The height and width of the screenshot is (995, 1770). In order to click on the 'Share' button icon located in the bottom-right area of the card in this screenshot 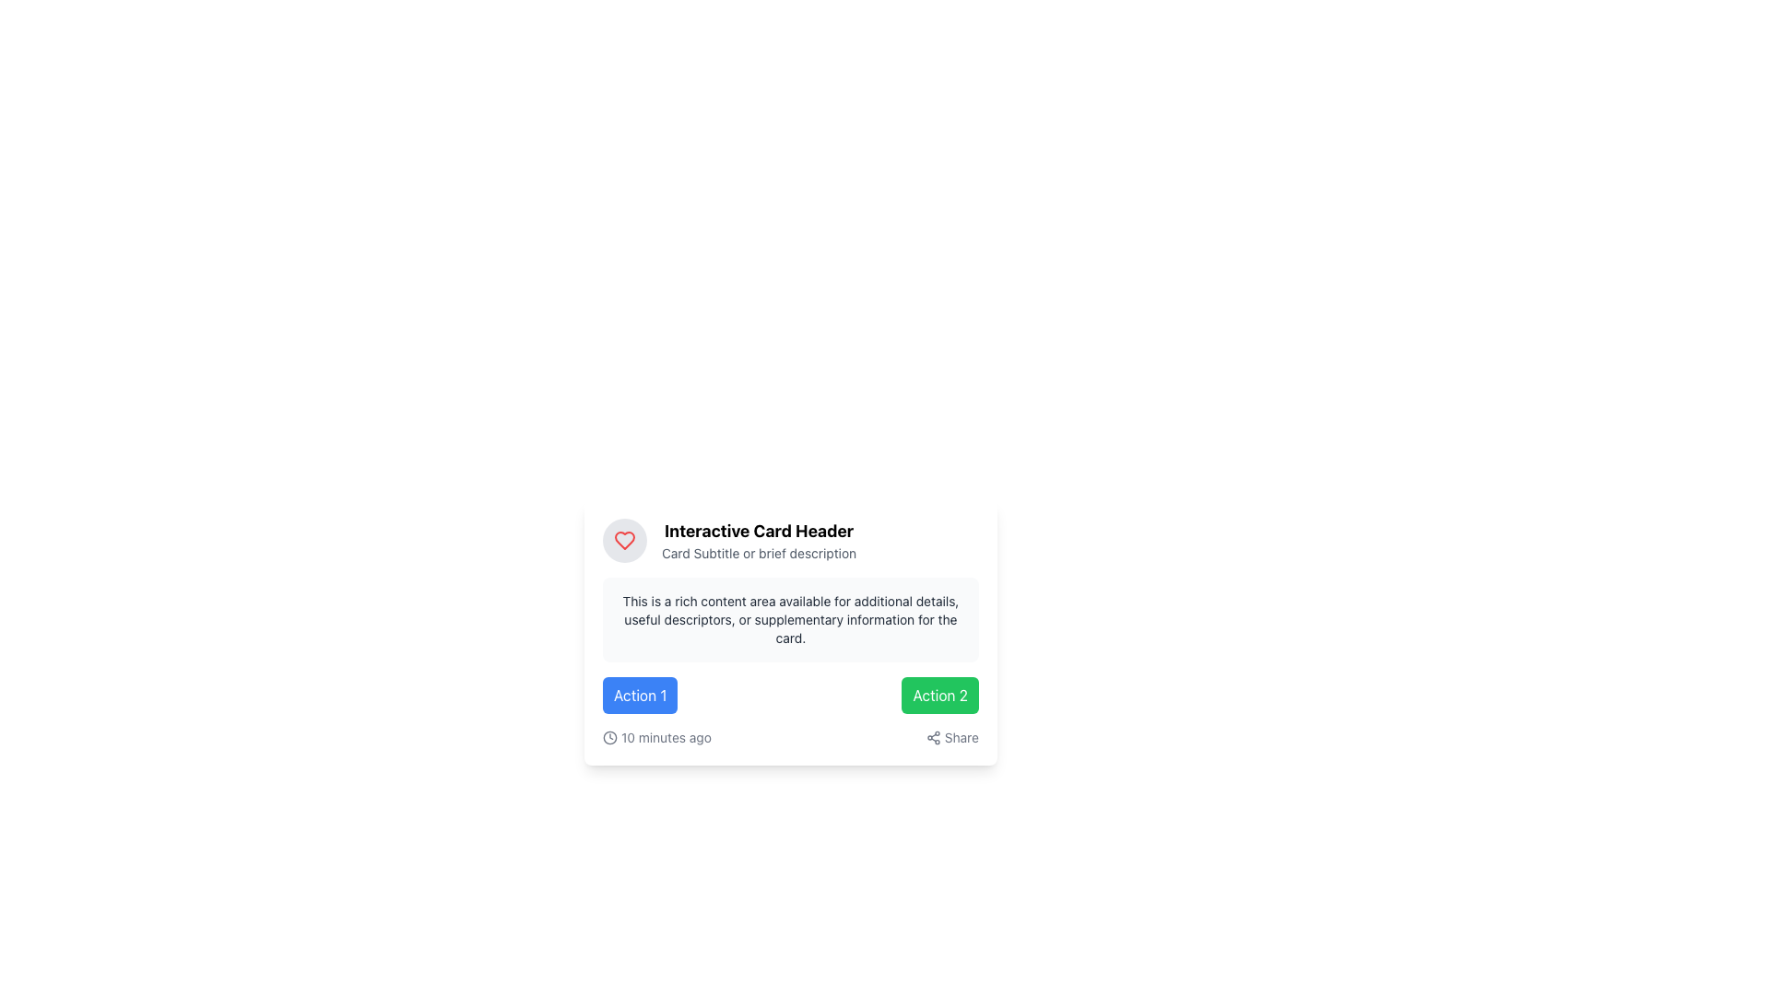, I will do `click(933, 737)`.